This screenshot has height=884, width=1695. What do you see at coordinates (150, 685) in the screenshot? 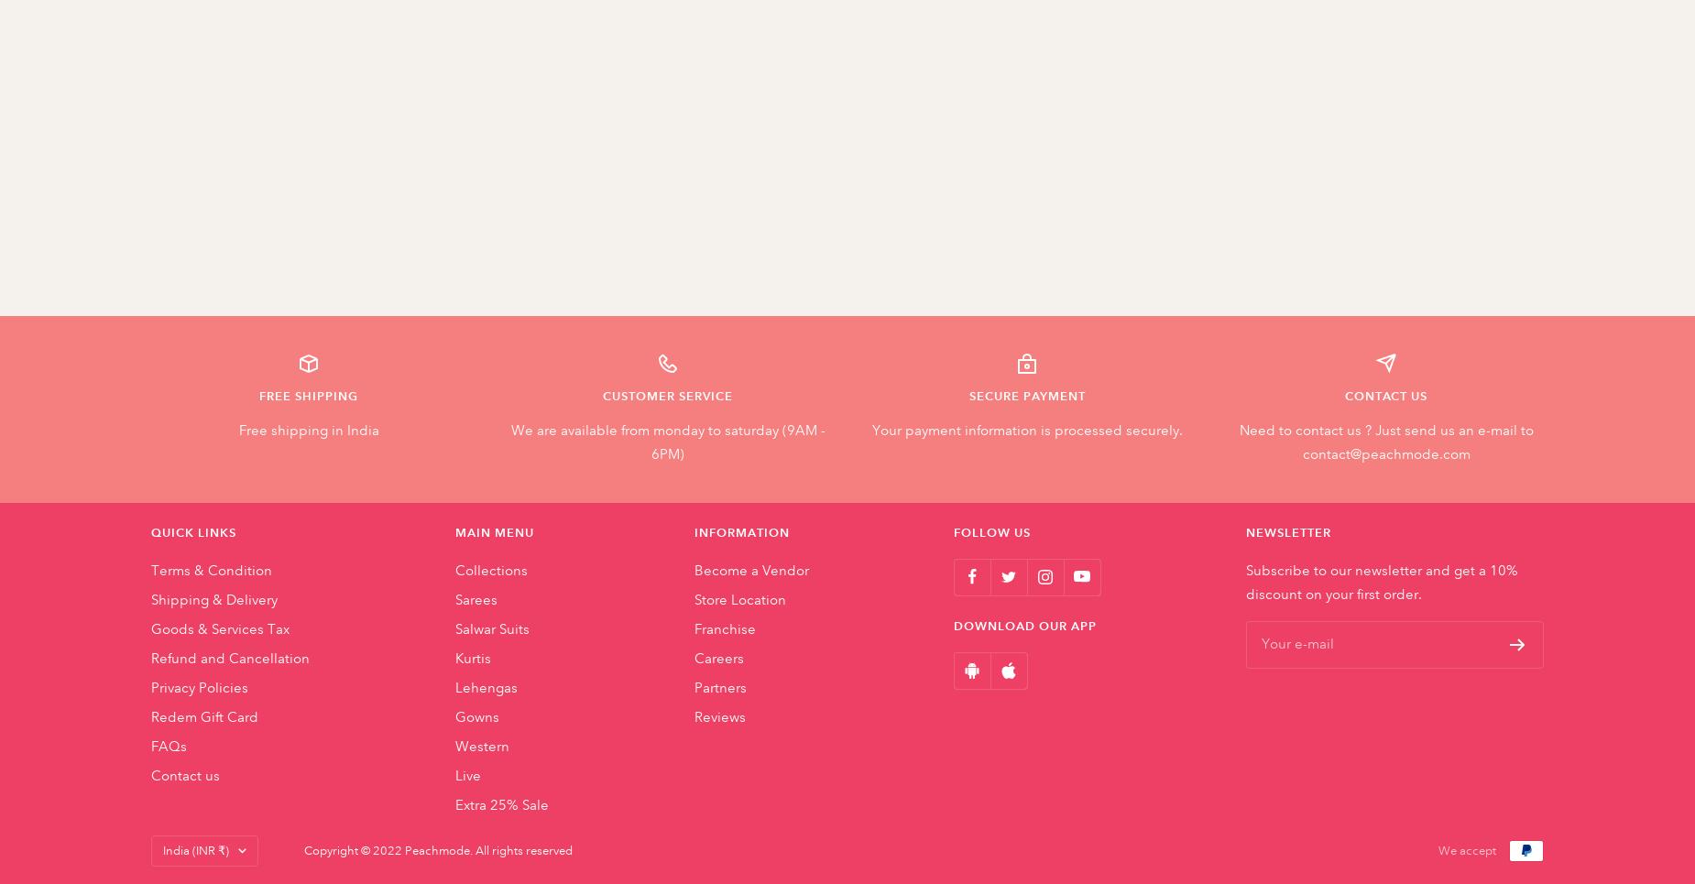
I see `'Privacy Policies'` at bounding box center [150, 685].